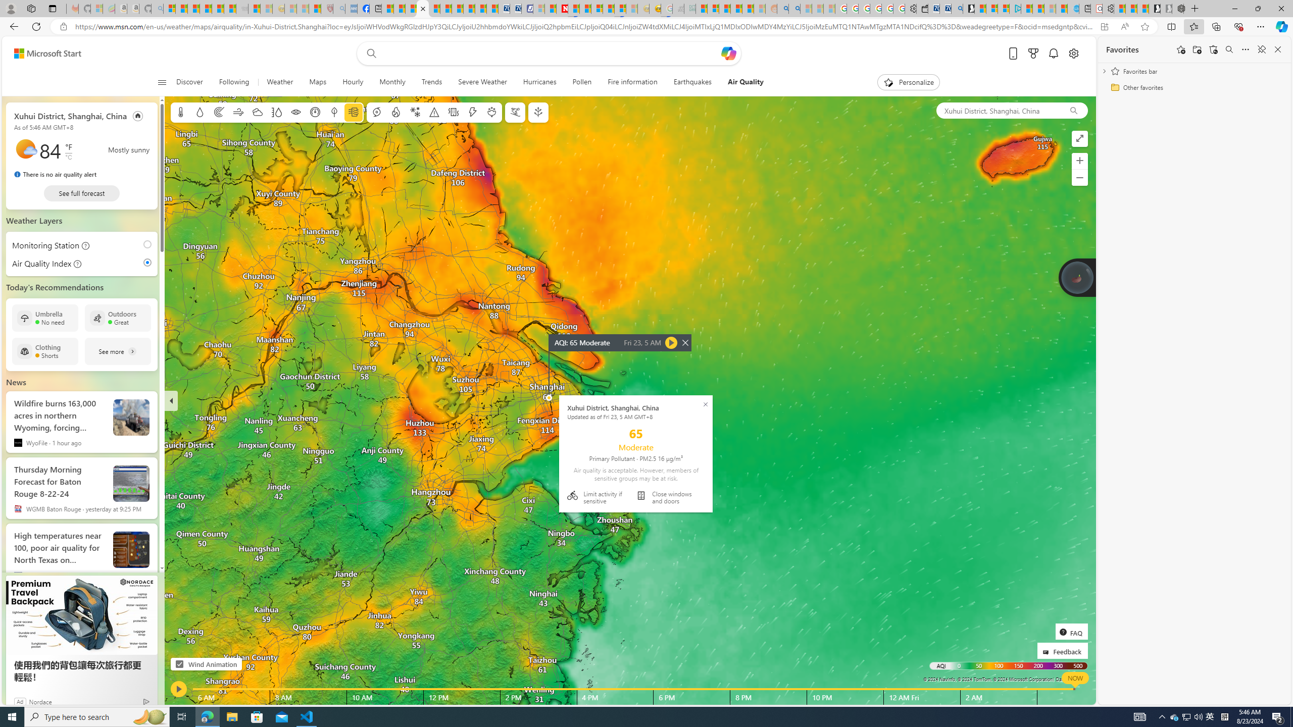 This screenshot has width=1293, height=727. What do you see at coordinates (728, 53) in the screenshot?
I see `'Open Copilot'` at bounding box center [728, 53].